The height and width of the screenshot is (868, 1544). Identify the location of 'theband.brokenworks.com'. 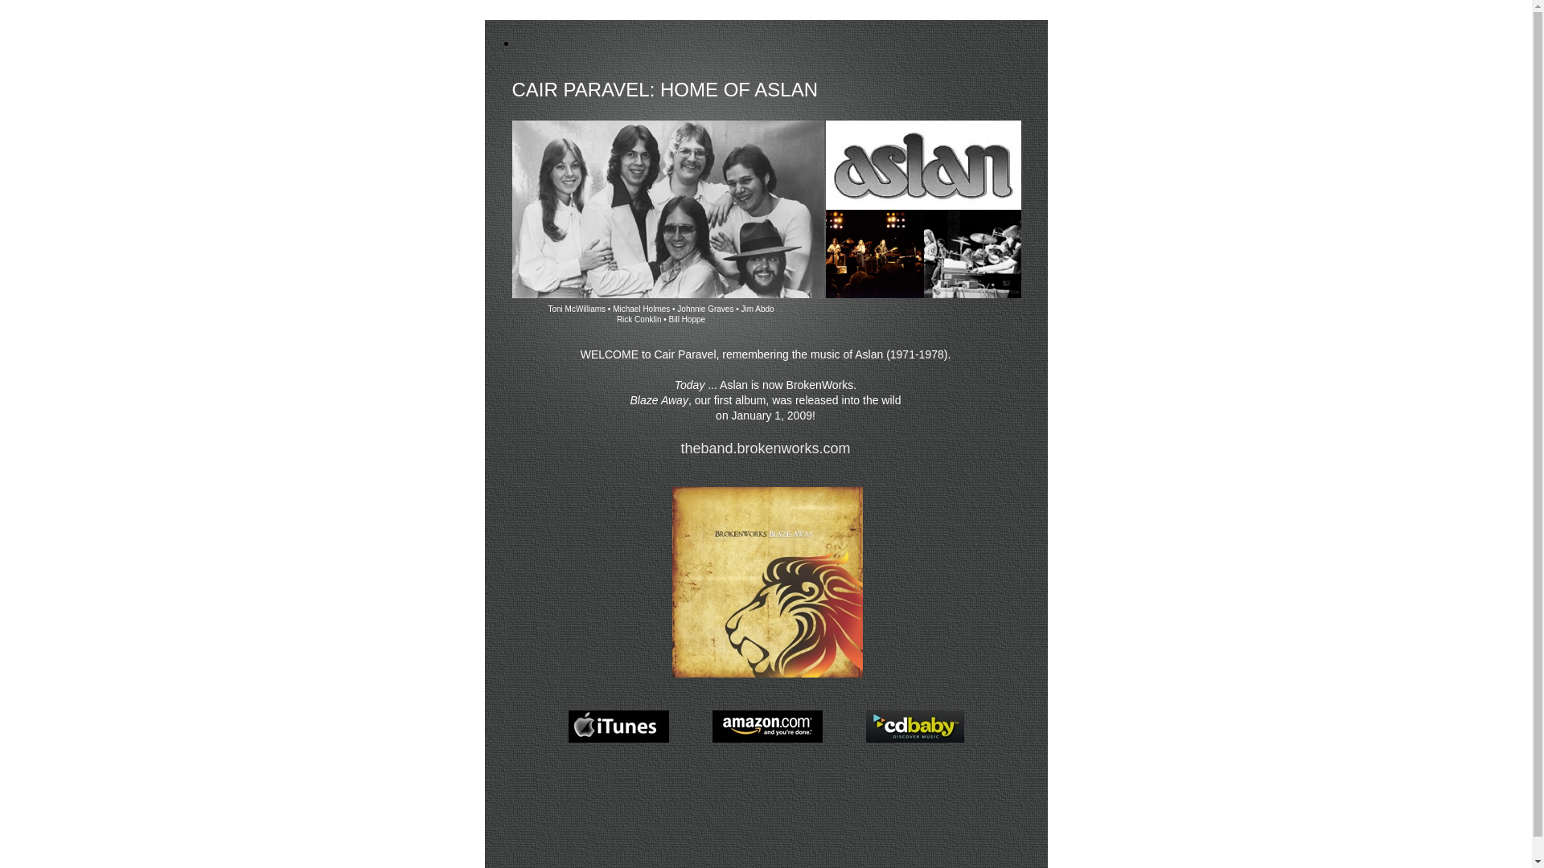
(680, 448).